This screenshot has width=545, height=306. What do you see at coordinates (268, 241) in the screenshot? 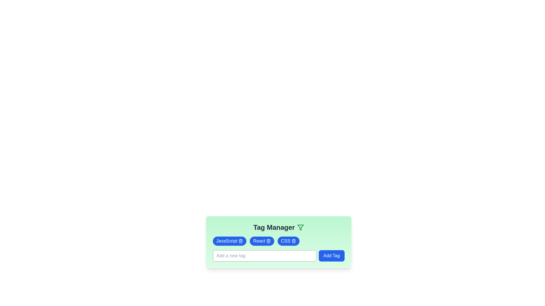
I see `the delete icon button located at the rightmost side of the 'React' tag in the 'Tag Manager' section` at bounding box center [268, 241].